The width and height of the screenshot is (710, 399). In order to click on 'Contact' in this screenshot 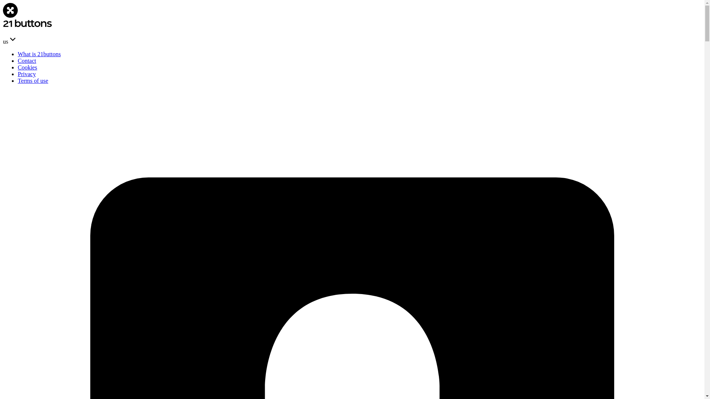, I will do `click(27, 60)`.